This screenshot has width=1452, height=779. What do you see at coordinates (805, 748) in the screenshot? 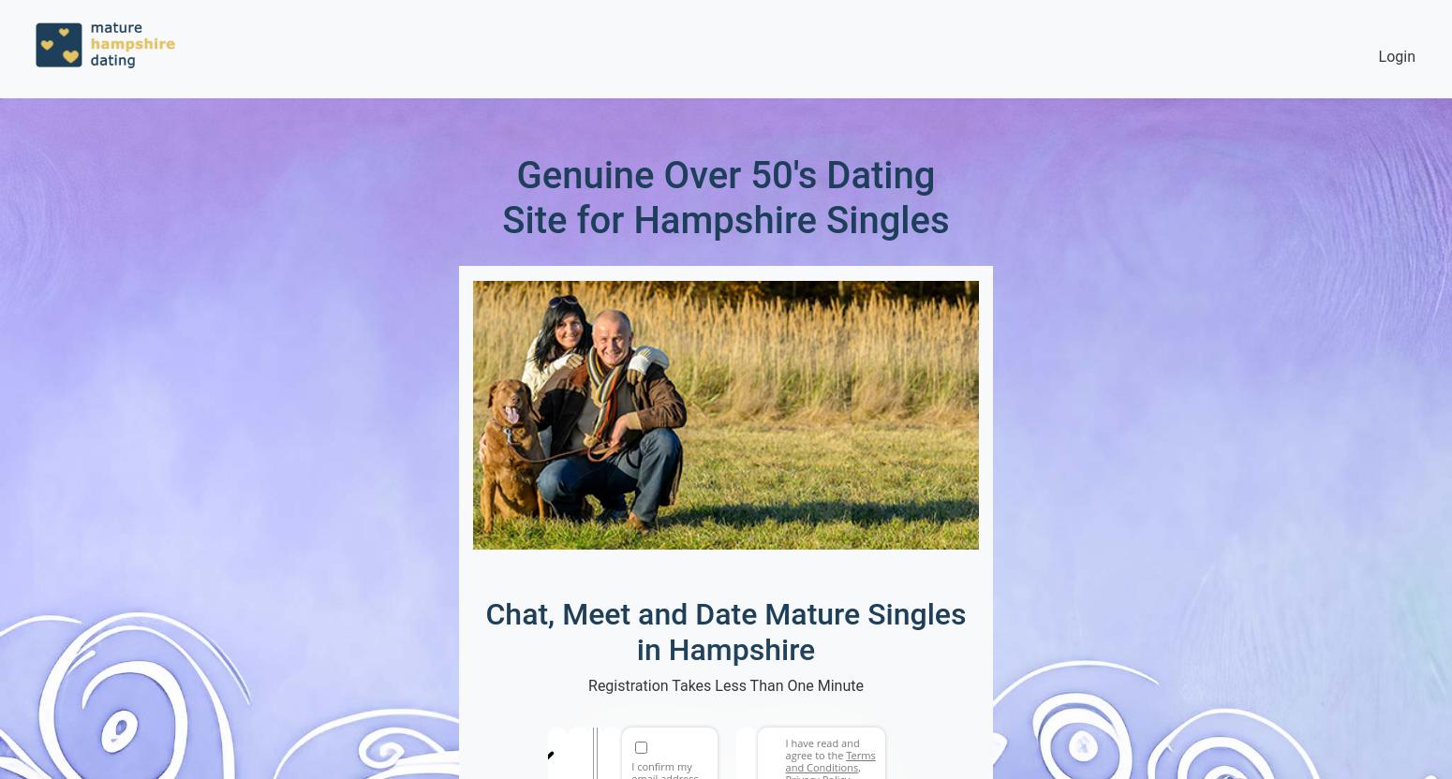
I see `'Password (8 or more characters)'` at bounding box center [805, 748].